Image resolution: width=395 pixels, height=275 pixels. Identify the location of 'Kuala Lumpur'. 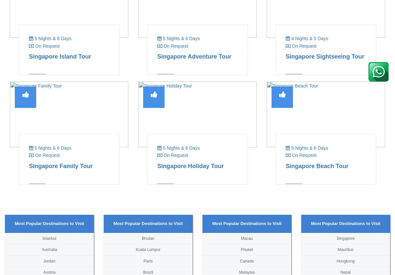
(148, 249).